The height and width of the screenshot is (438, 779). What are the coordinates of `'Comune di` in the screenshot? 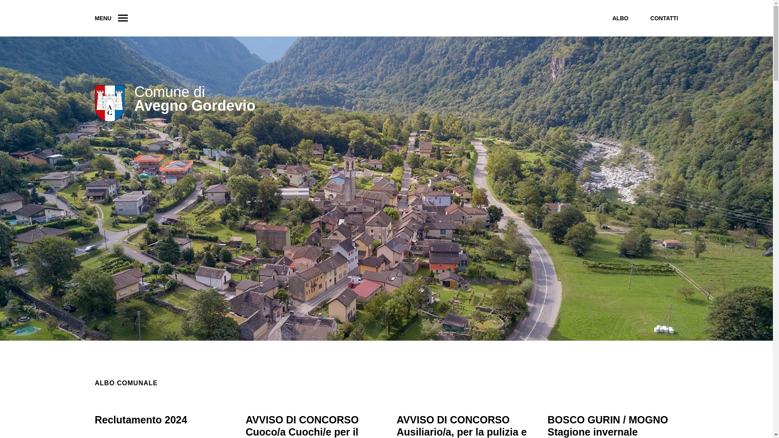 It's located at (175, 108).